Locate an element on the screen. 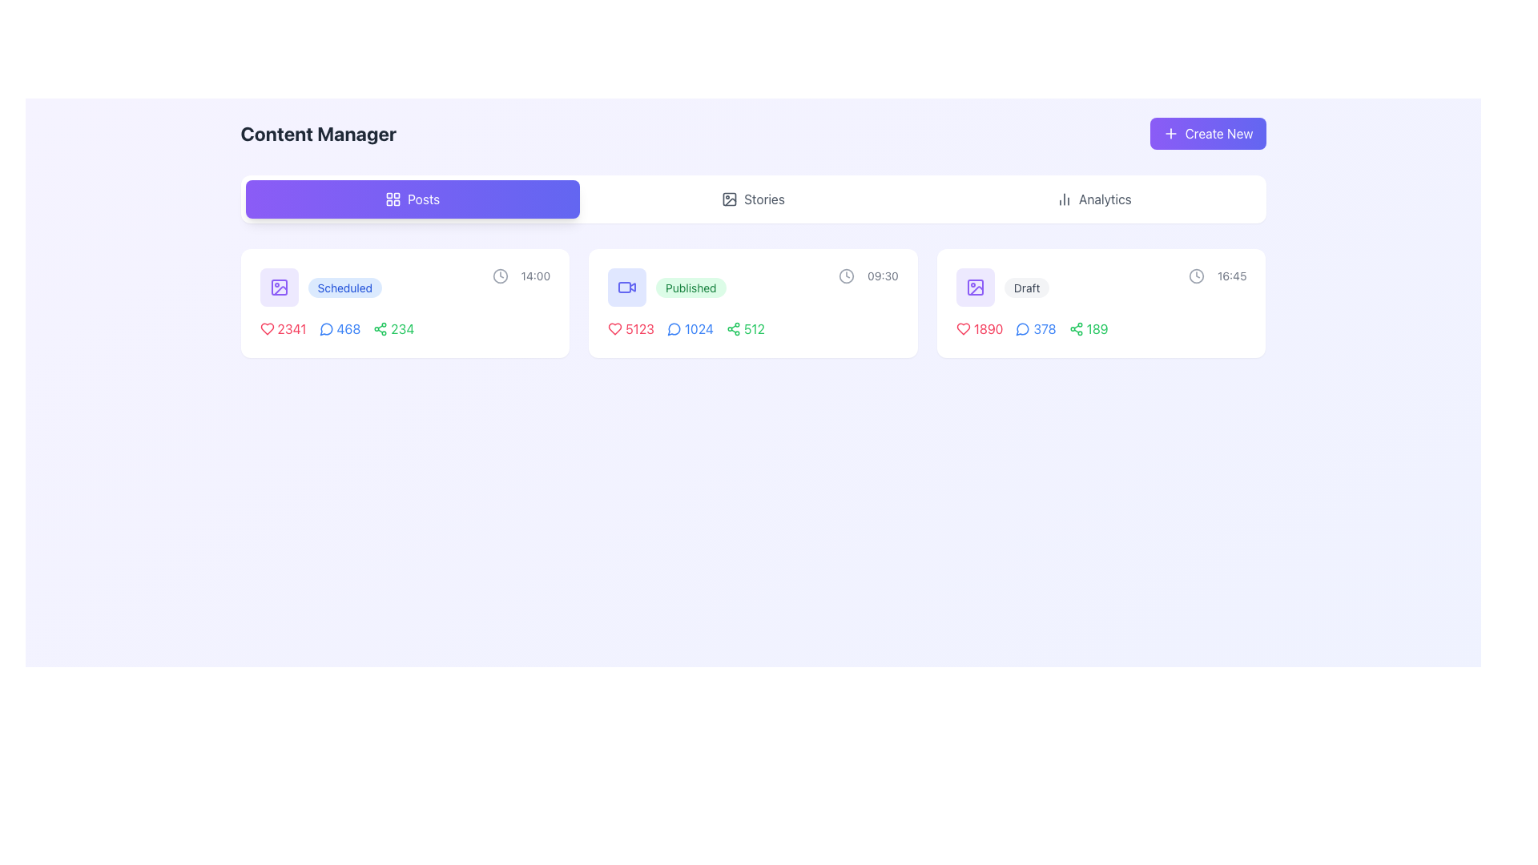 The image size is (1538, 865). the Time indicator with icon in the Draft post card is located at coordinates (1218, 275).